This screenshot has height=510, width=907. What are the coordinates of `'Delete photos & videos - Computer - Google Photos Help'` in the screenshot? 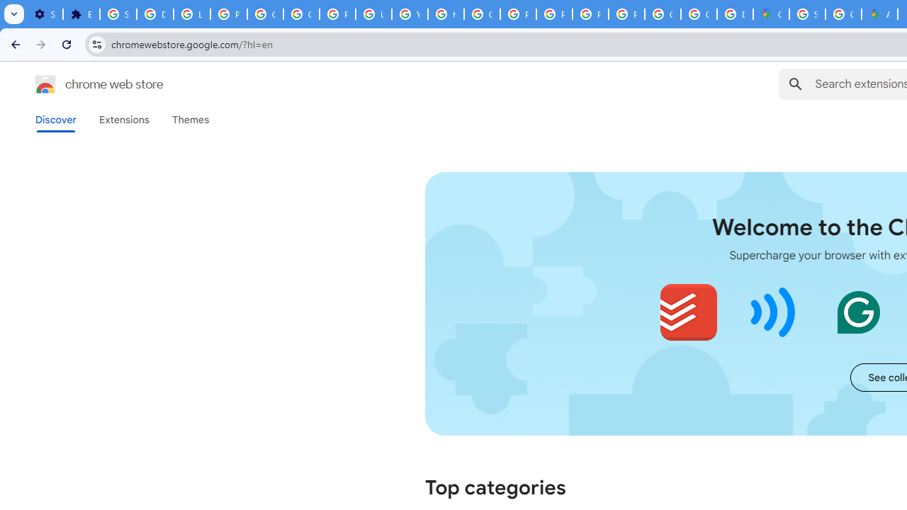 It's located at (154, 14).